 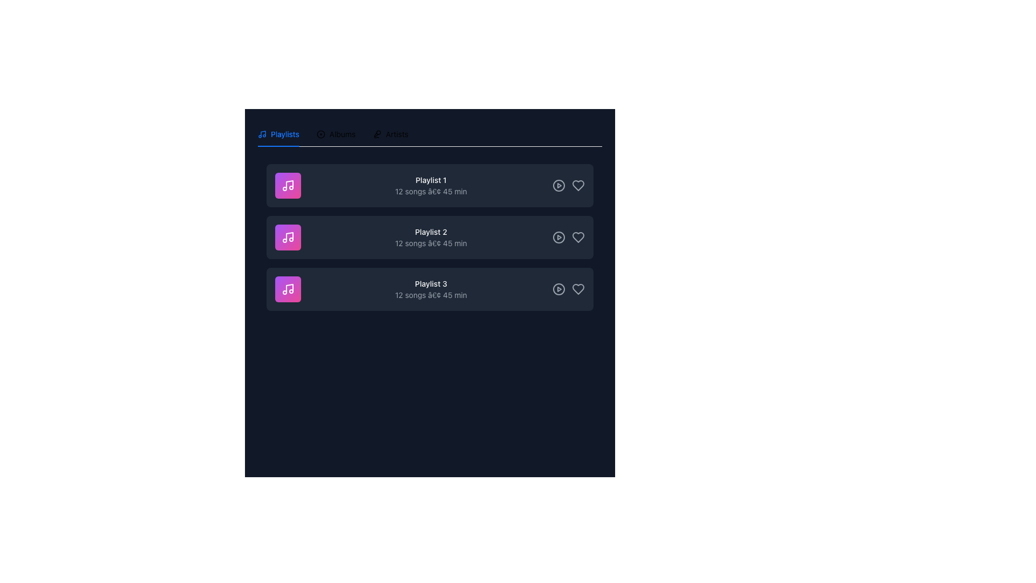 I want to click on the circular border of the second play button icon located next to the text 'Playlist 2', so click(x=559, y=236).